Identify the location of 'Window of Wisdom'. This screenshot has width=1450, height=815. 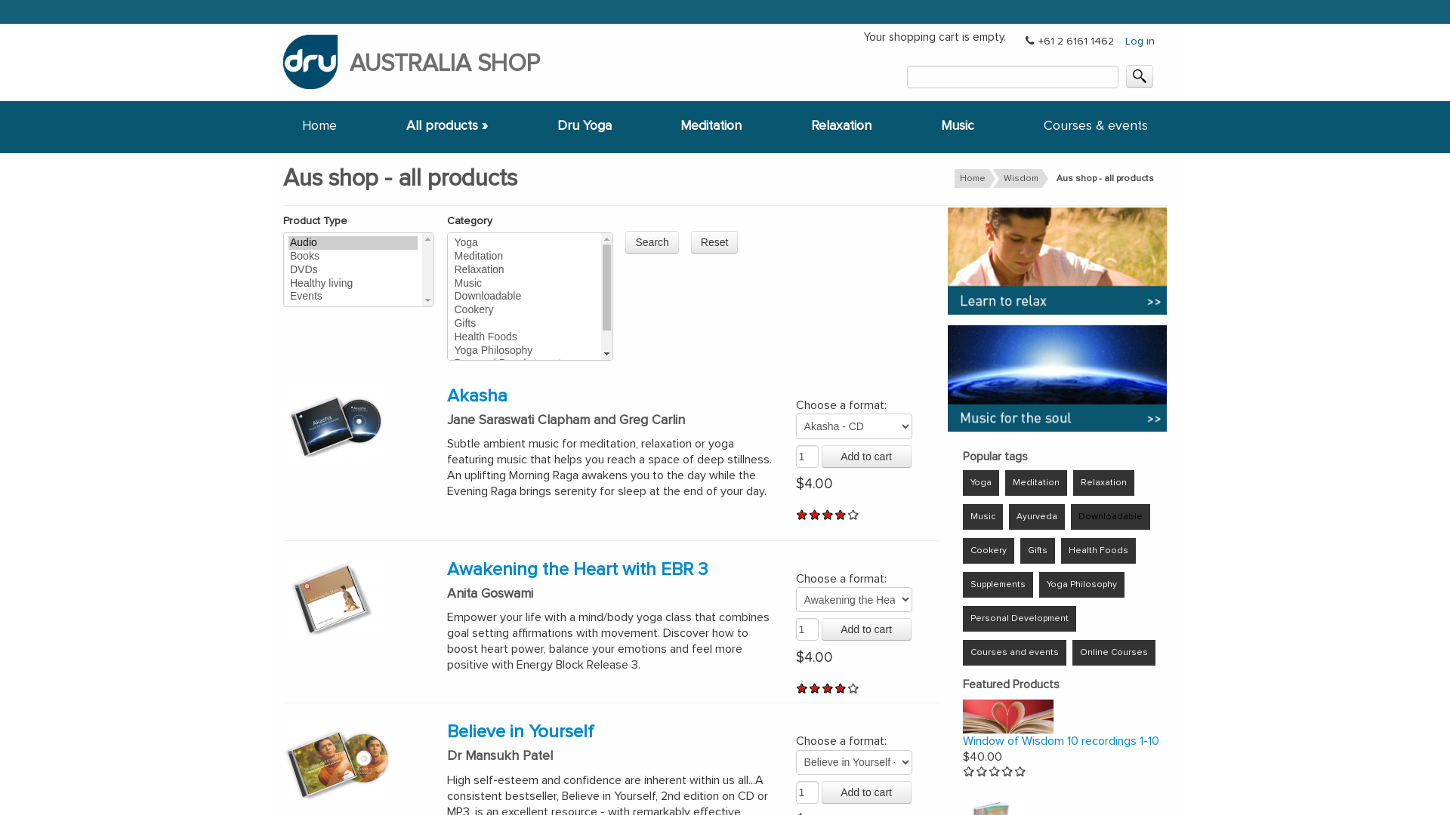
(1007, 715).